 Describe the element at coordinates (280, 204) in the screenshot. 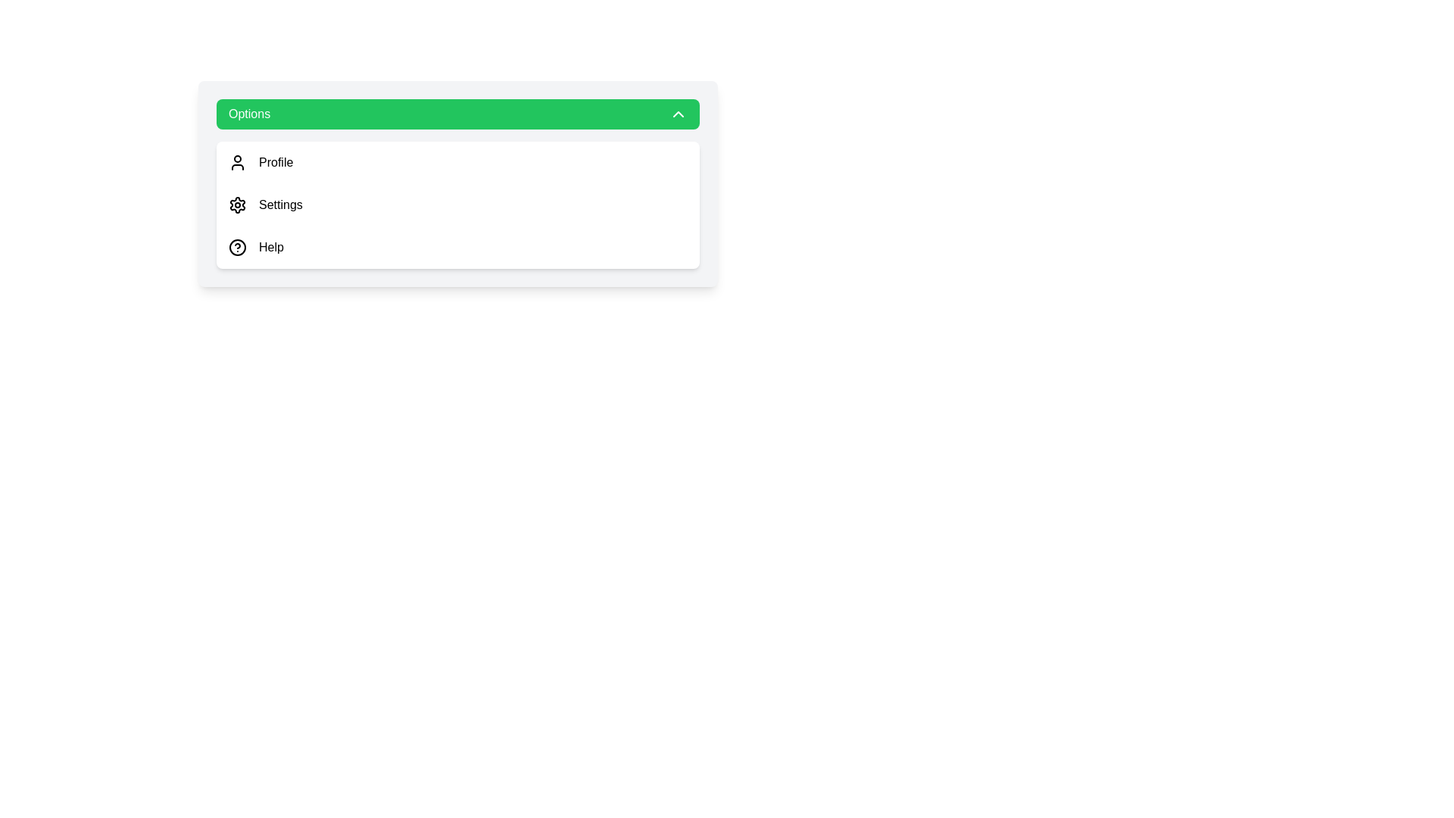

I see `the text label or button that serves as a navigation option for the settings page, located between 'Profile' and 'Help'` at that location.